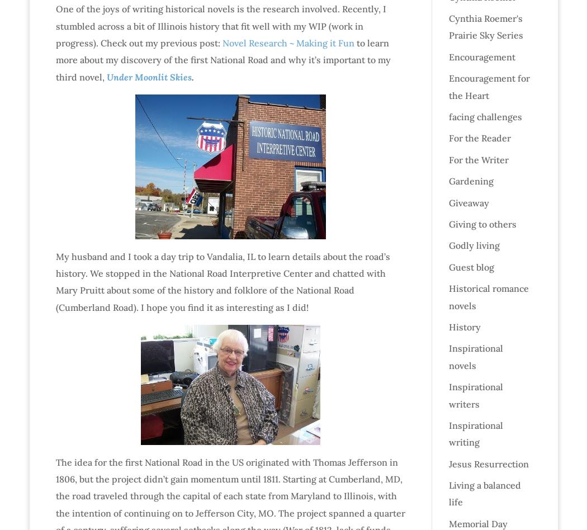 This screenshot has width=587, height=530. I want to click on 'My husband and I took a day trip to Vandalia, IL to learn details about the road’s history. We stopped in the National Road Interpretive Center and chatted with Mary Pruitt about some of the history and folklore of the National Road (Cumberland Road). I hope you find it as interesting as I did!', so click(222, 281).